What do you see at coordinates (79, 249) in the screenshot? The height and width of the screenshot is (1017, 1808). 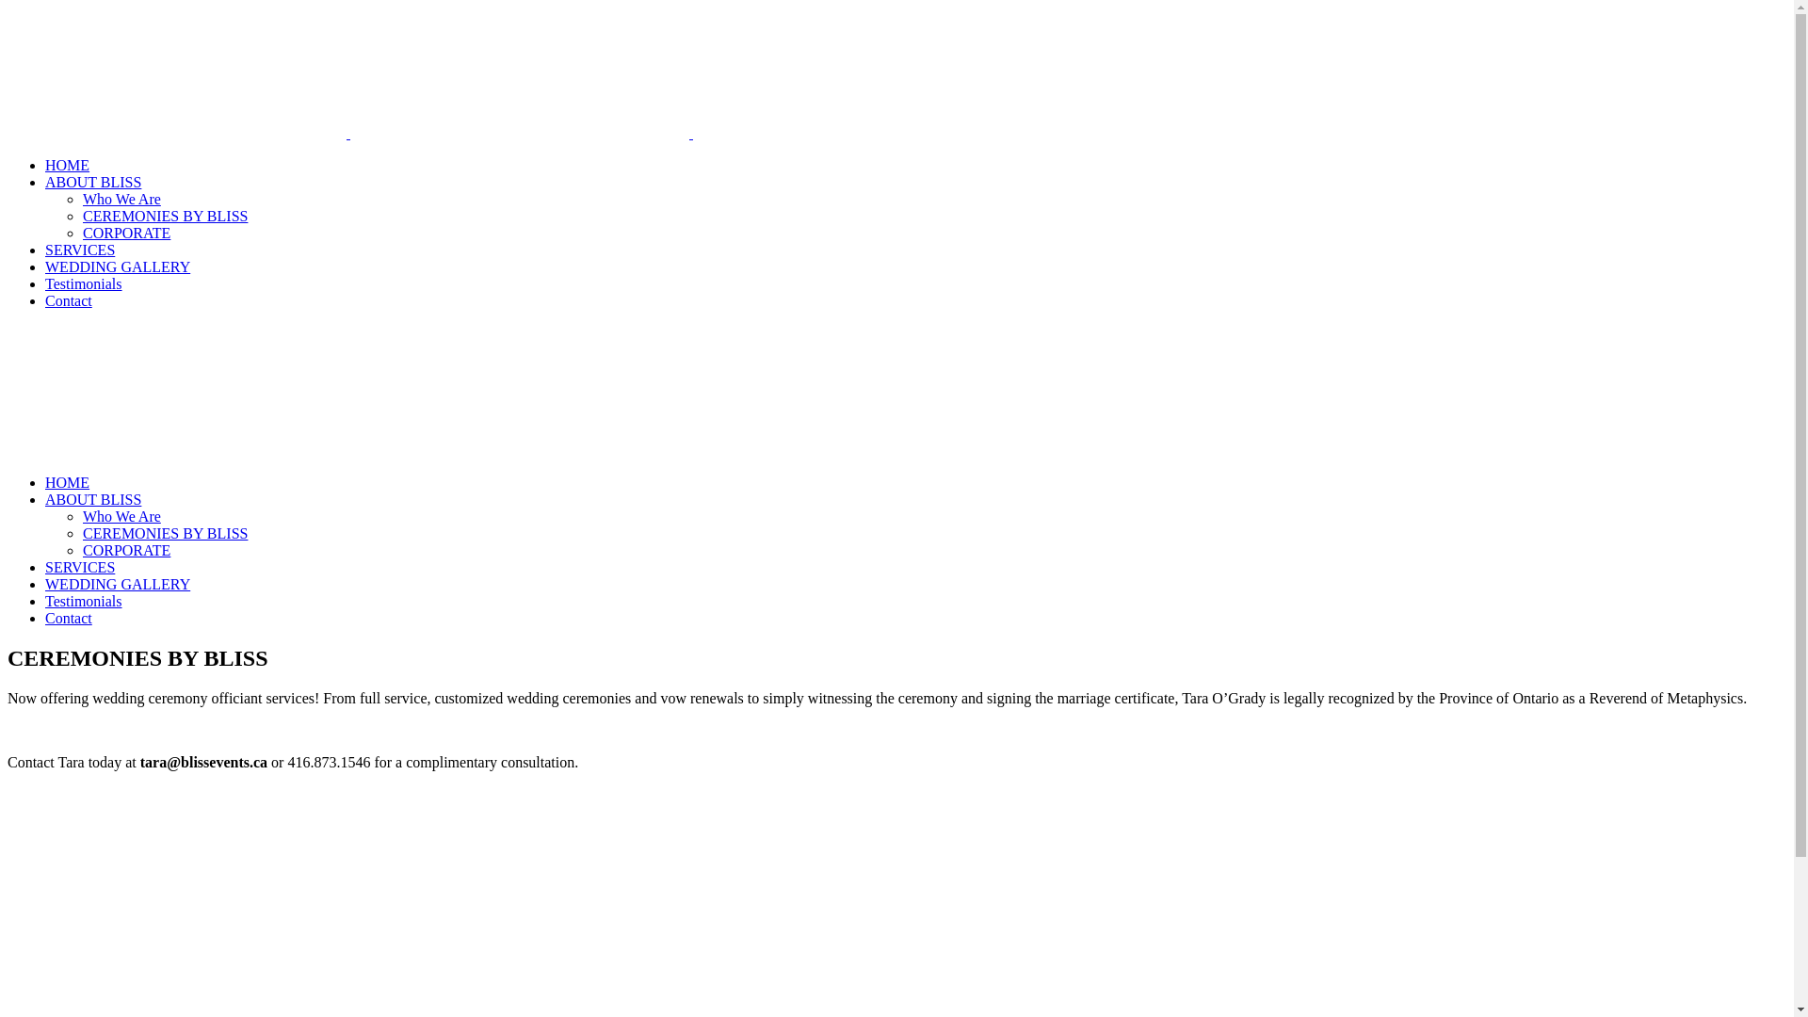 I see `'SERVICES'` at bounding box center [79, 249].